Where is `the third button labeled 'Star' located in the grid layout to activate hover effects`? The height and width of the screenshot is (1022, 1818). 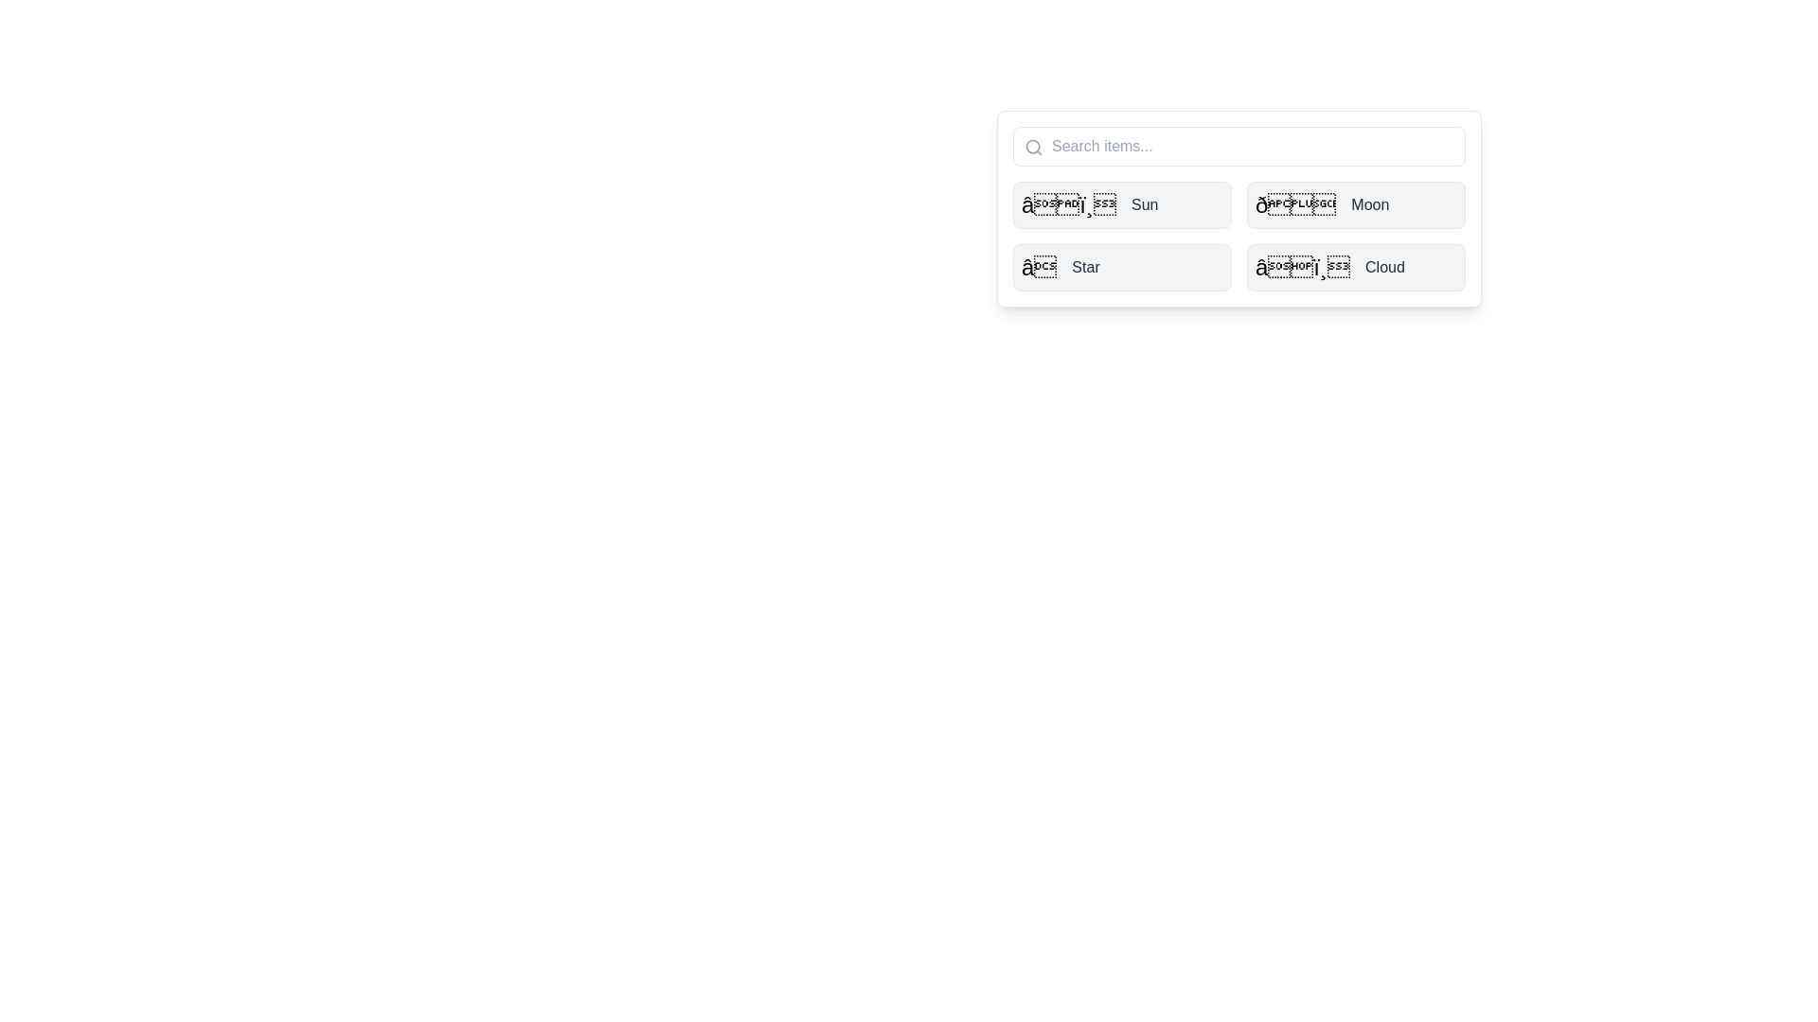
the third button labeled 'Star' located in the grid layout to activate hover effects is located at coordinates (1122, 267).